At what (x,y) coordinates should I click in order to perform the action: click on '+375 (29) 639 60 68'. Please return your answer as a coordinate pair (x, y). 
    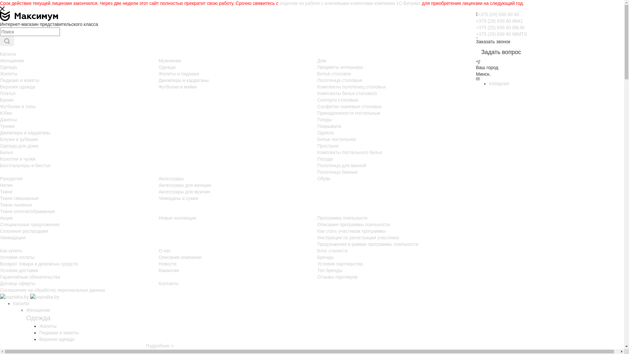
    Looking at the image, I should click on (498, 14).